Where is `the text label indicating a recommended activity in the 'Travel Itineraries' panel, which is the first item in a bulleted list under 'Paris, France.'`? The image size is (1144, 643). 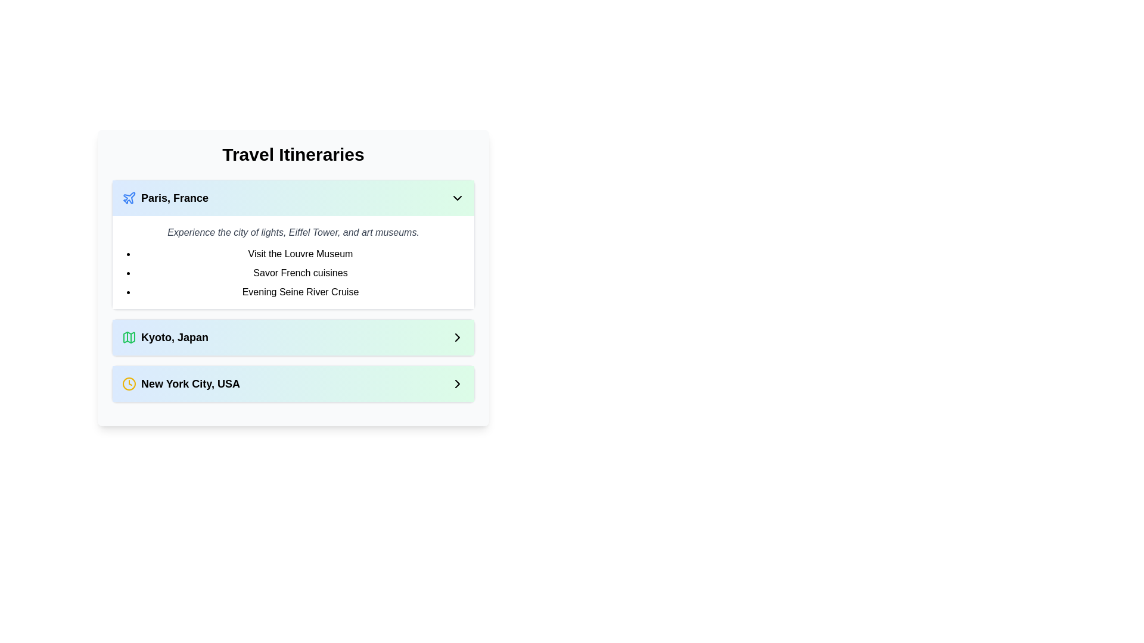 the text label indicating a recommended activity in the 'Travel Itineraries' panel, which is the first item in a bulleted list under 'Paris, France.' is located at coordinates (300, 254).